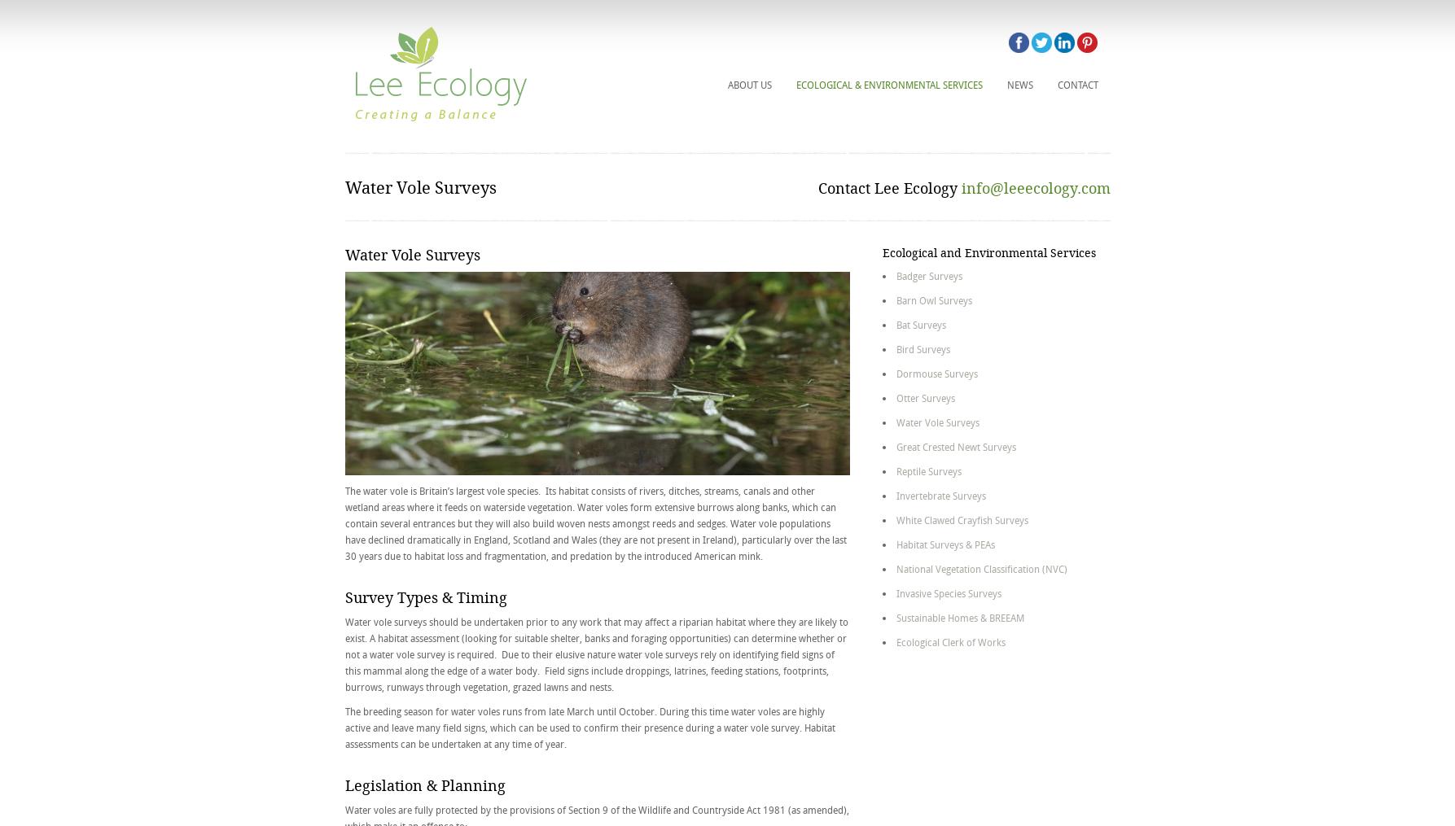  What do you see at coordinates (962, 519) in the screenshot?
I see `'White Clawed Crayfish Surveys'` at bounding box center [962, 519].